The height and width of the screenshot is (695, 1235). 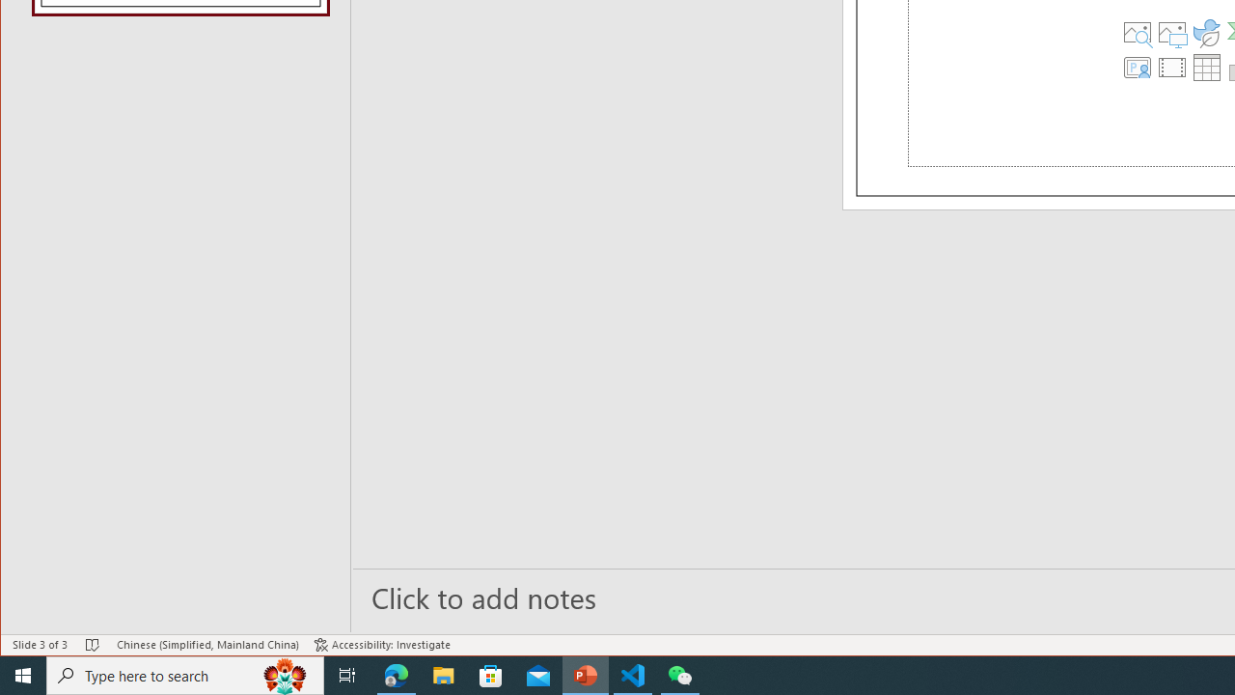 What do you see at coordinates (585, 674) in the screenshot?
I see `'PowerPoint - 1 running window'` at bounding box center [585, 674].